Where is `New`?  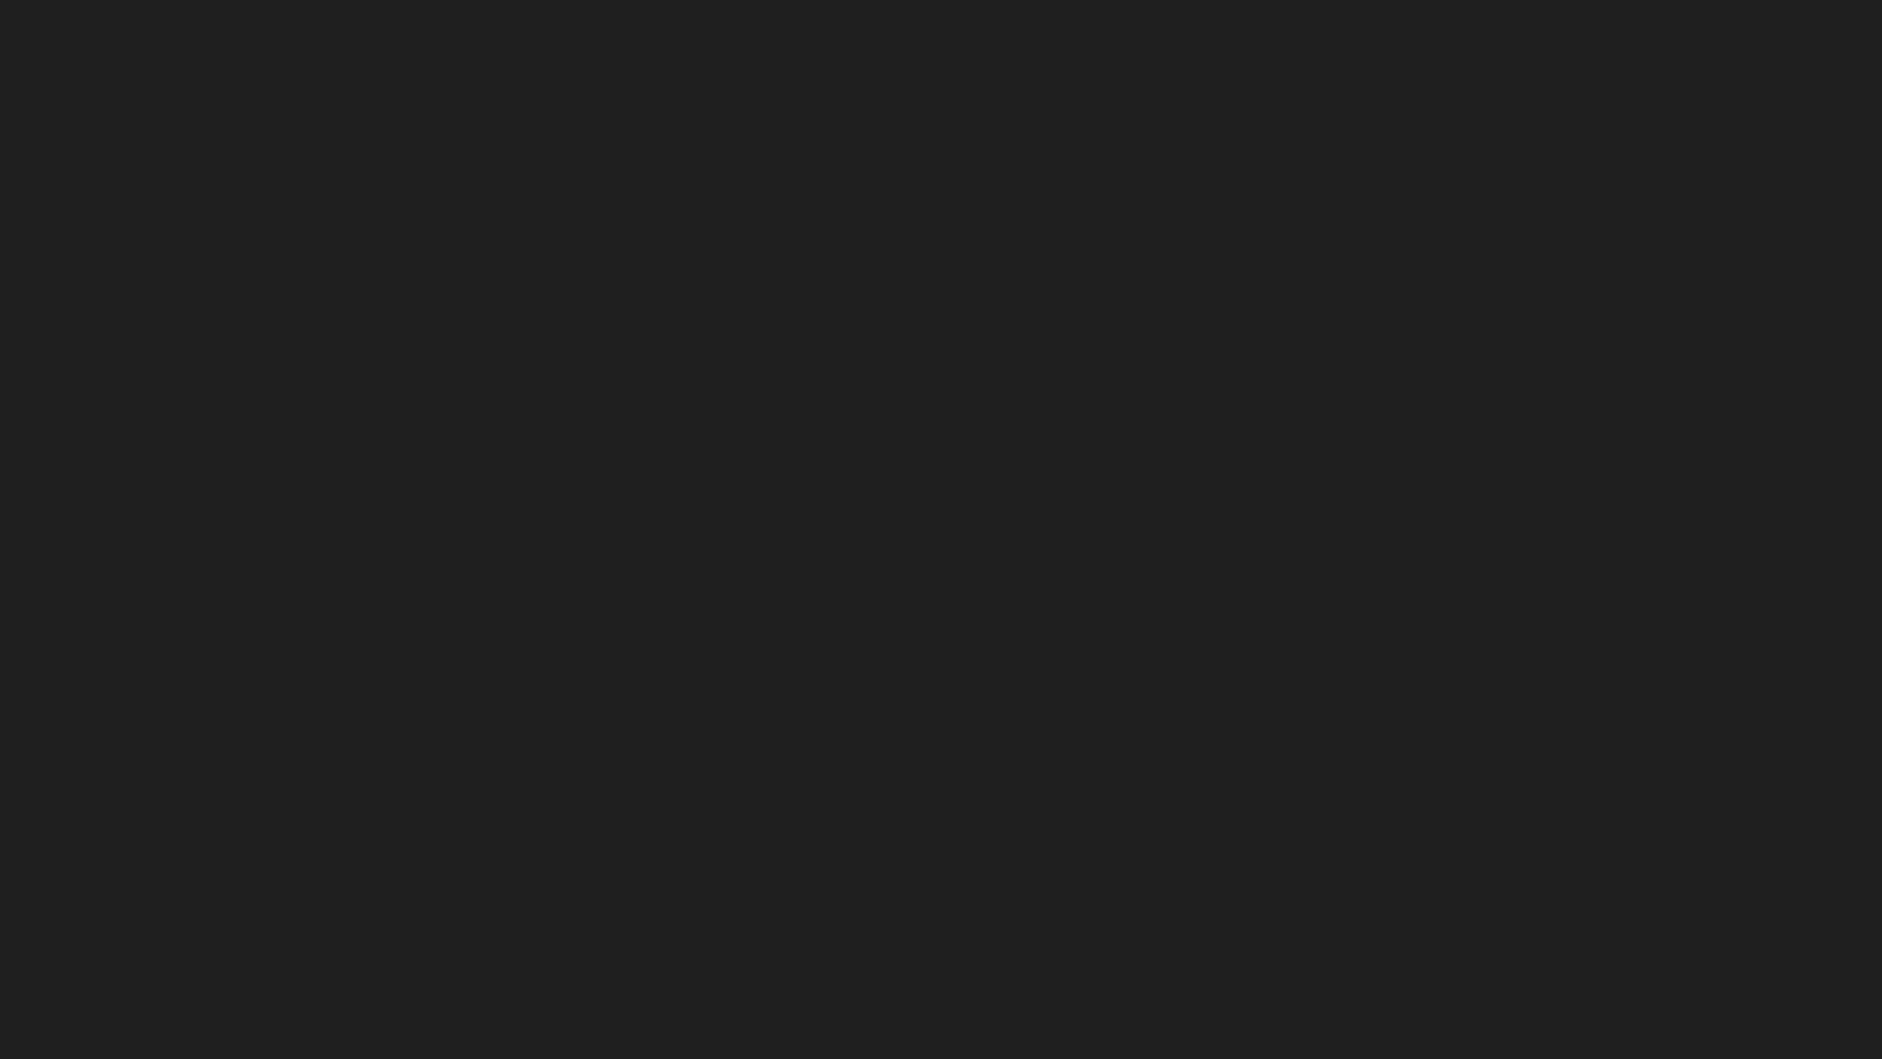 New is located at coordinates (397, 425).